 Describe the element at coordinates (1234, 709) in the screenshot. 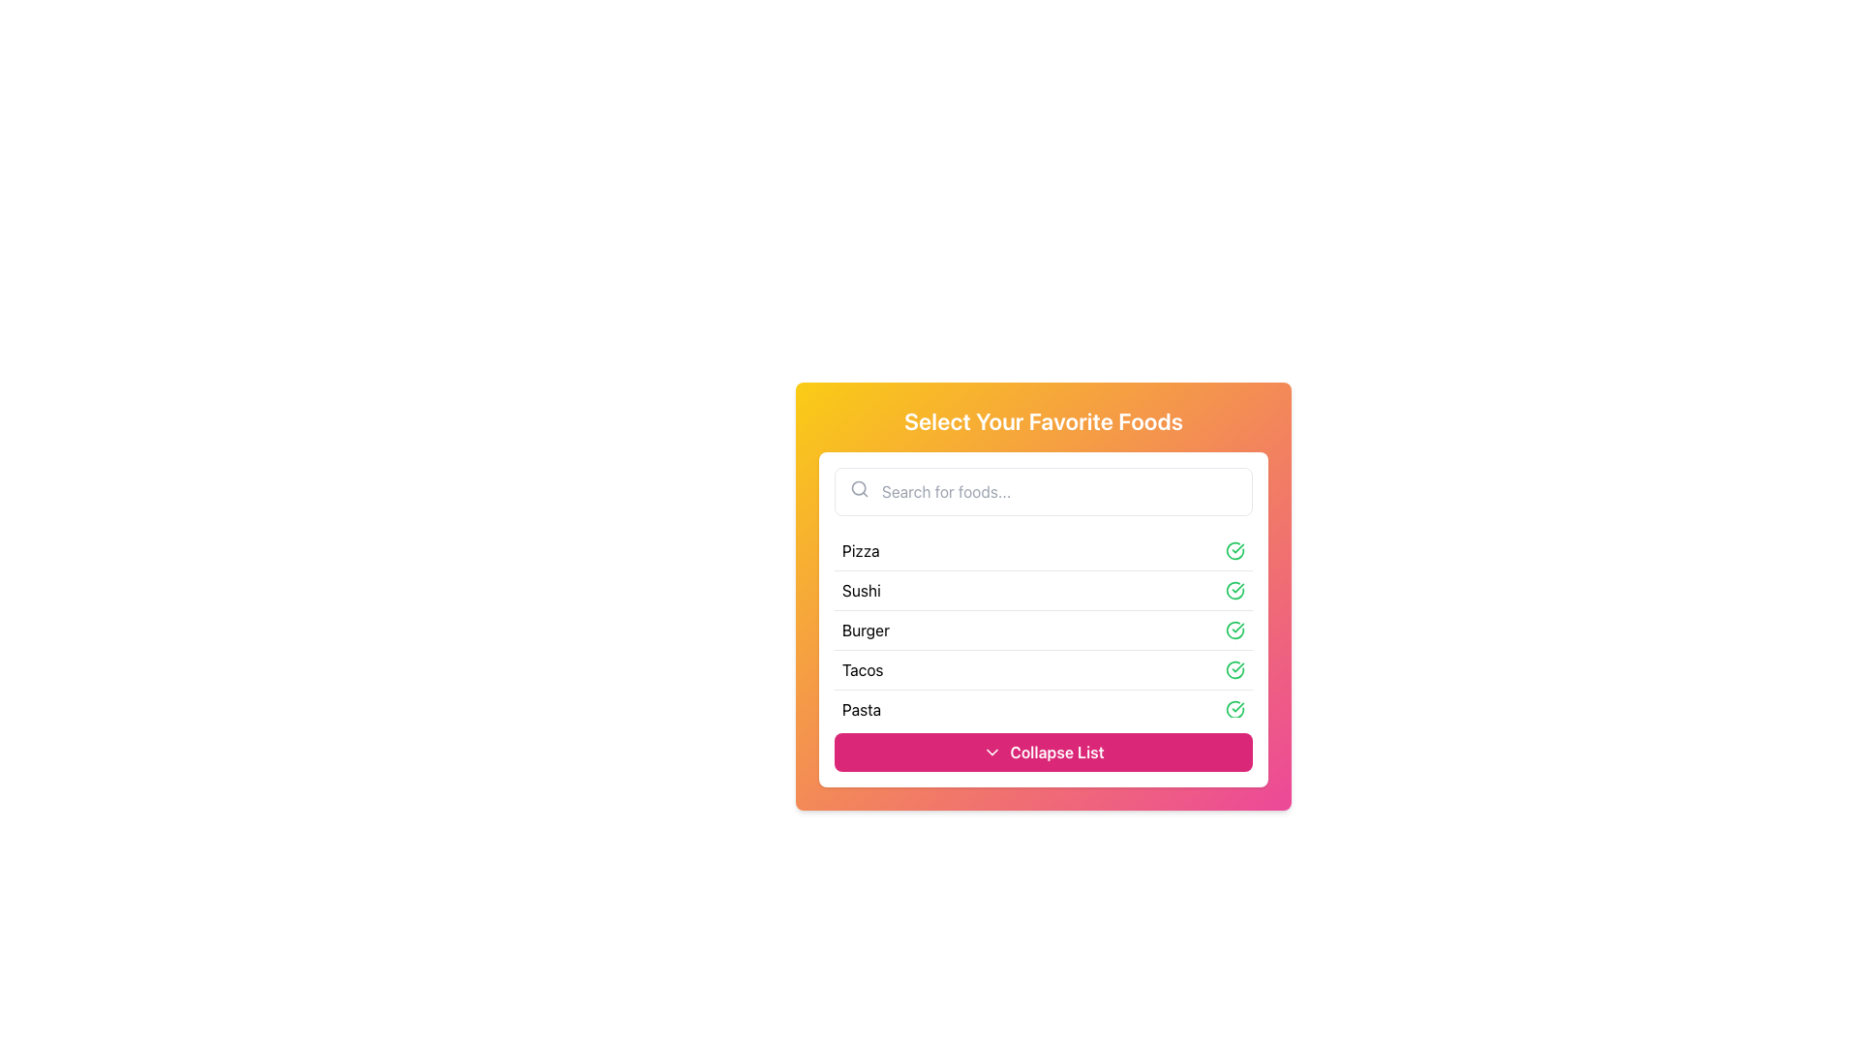

I see `the confirmation icon for the list item labeled 'Pasta', which is positioned in the far-right section of the item and aligned vertically with the text` at that location.